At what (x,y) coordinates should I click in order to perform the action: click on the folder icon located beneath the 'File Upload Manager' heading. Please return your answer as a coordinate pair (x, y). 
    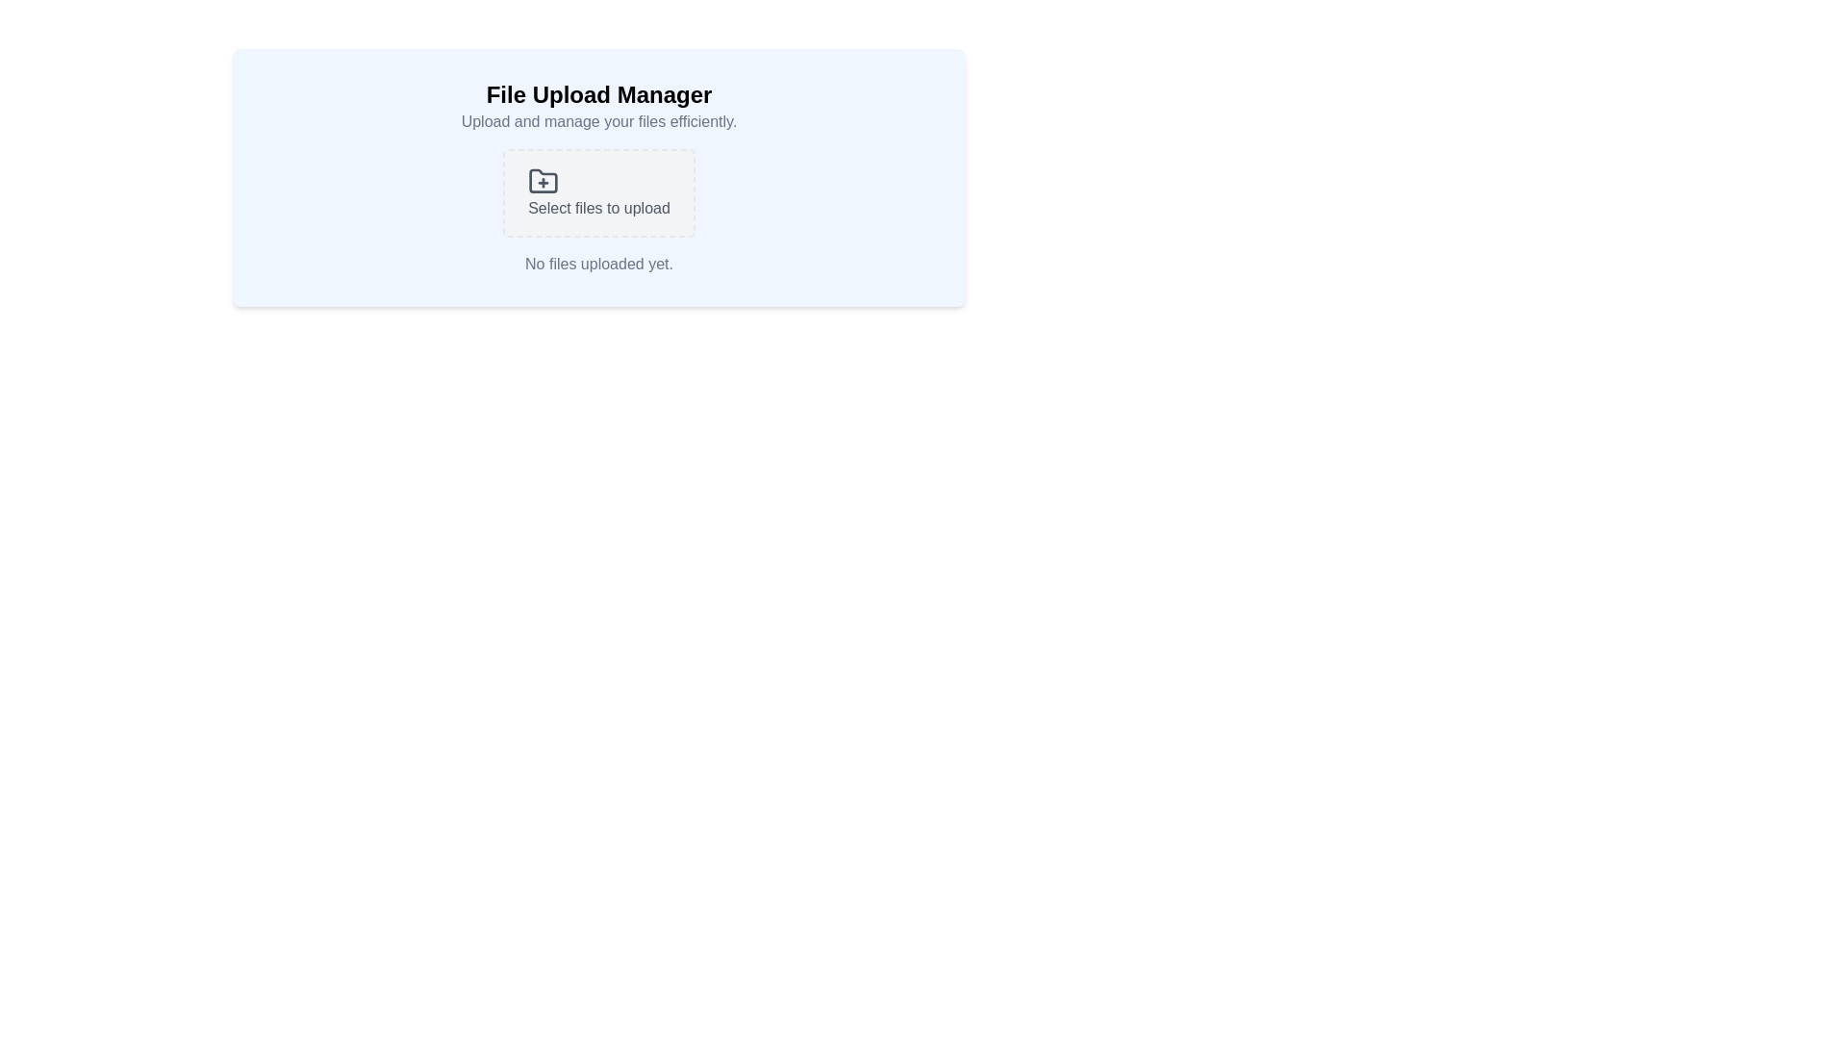
    Looking at the image, I should click on (543, 181).